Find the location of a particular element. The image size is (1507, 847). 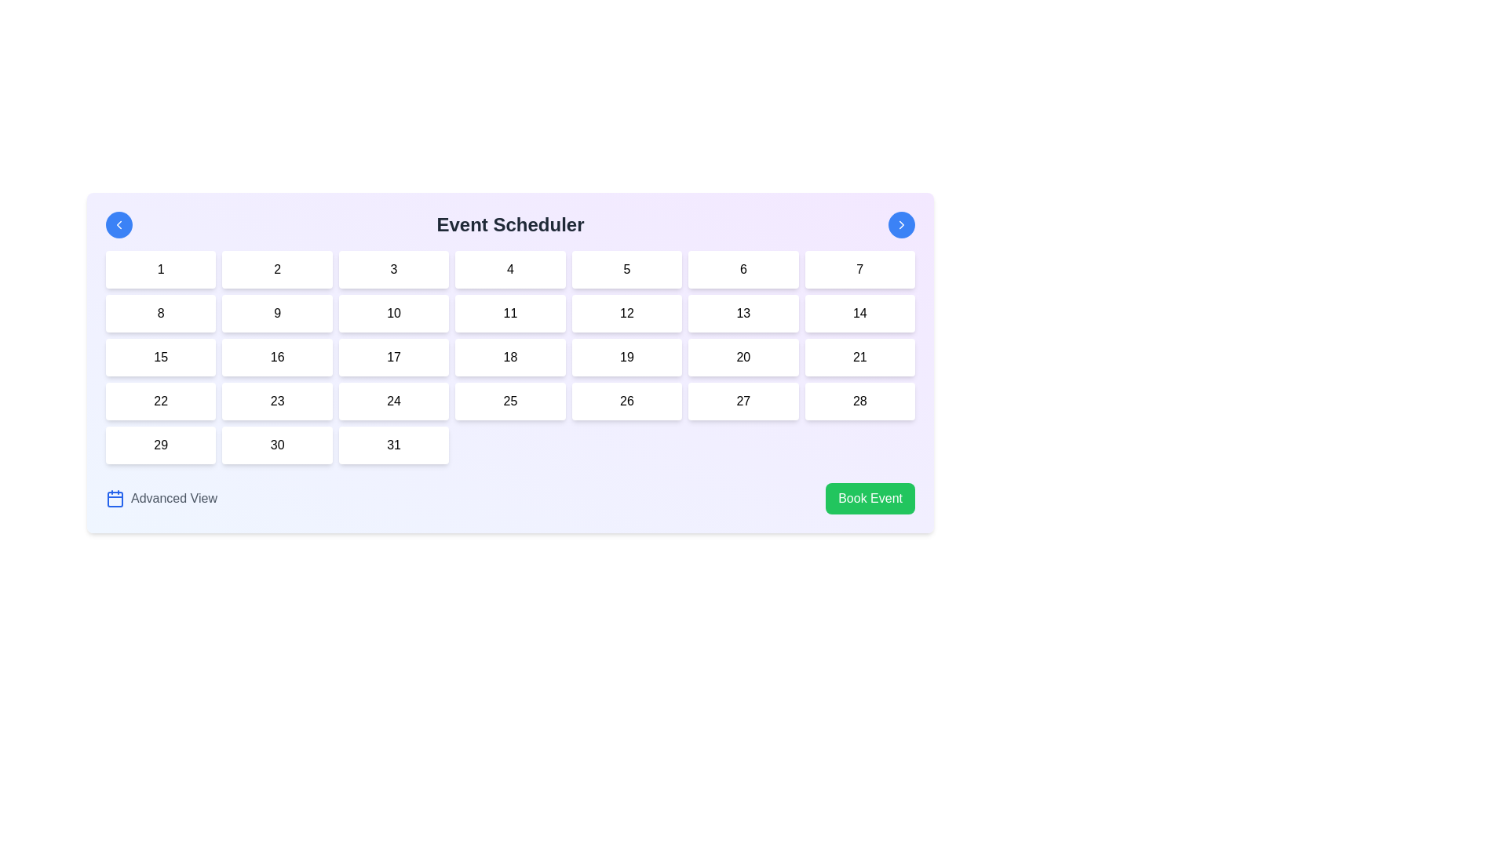

the selectable button representing the 11th day of the month in the event scheduler interface is located at coordinates (510, 314).